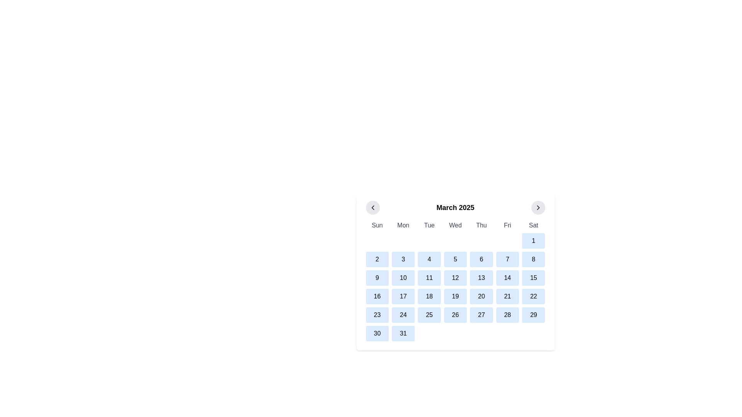  What do you see at coordinates (373, 207) in the screenshot?
I see `the circular button with a light gray background and left-pointing chevron icon, located to the left of 'March 2025' in the calendar header` at bounding box center [373, 207].